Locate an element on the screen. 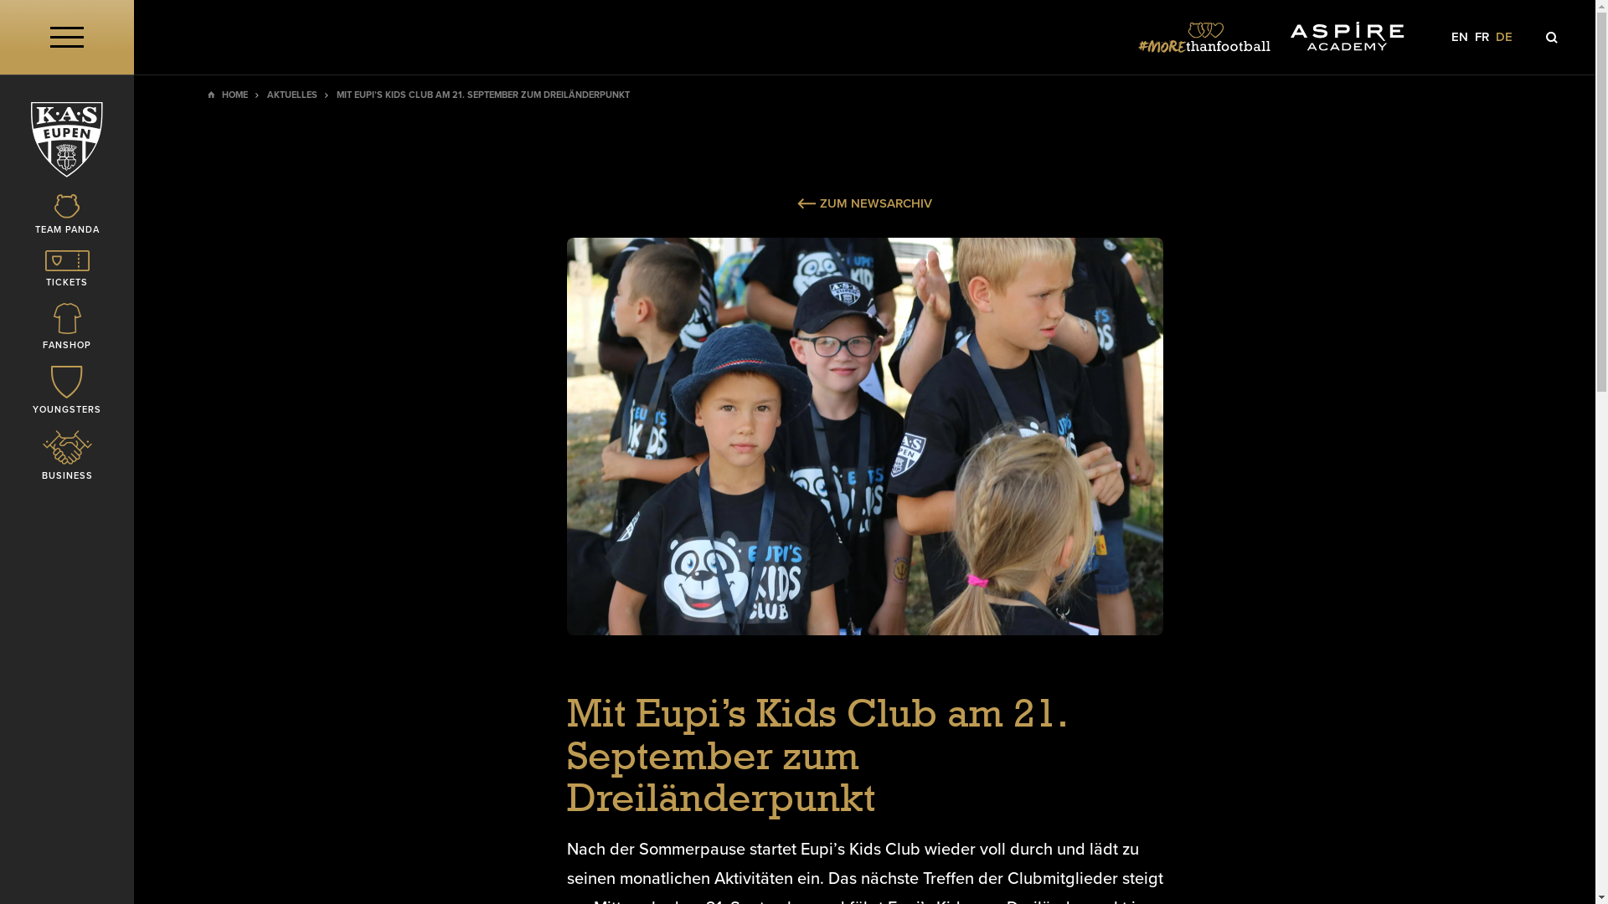 This screenshot has width=1608, height=904. 'FR' is located at coordinates (1482, 37).